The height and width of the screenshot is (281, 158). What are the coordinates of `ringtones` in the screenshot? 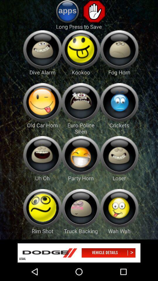 It's located at (42, 102).